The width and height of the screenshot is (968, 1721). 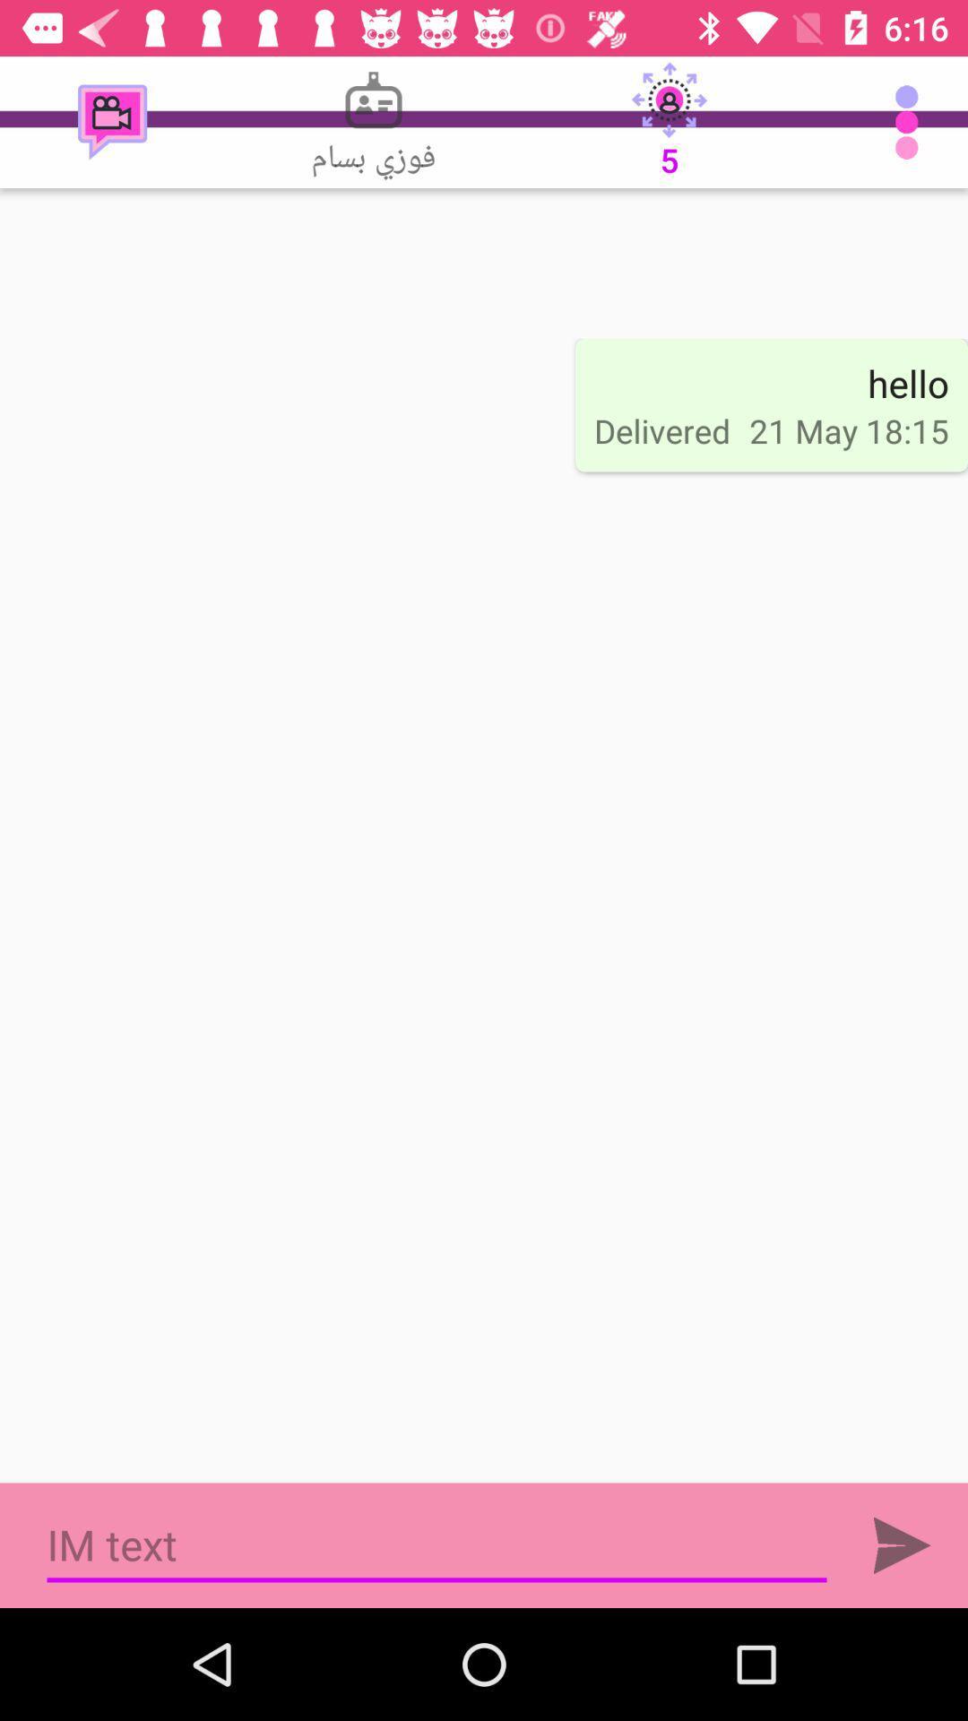 I want to click on icon below the hello, so click(x=848, y=430).